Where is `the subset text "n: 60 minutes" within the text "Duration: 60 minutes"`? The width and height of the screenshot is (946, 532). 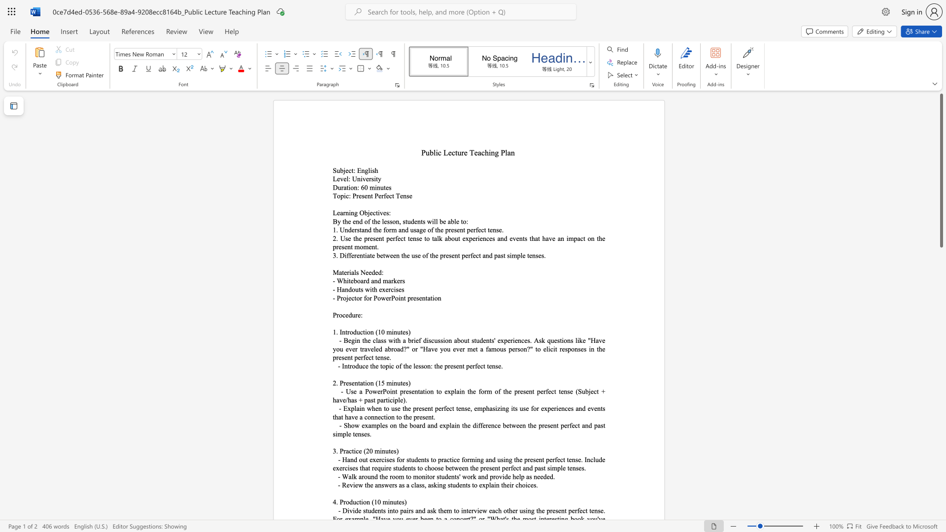
the subset text "n: 60 minutes" within the text "Duration: 60 minutes" is located at coordinates (354, 187).